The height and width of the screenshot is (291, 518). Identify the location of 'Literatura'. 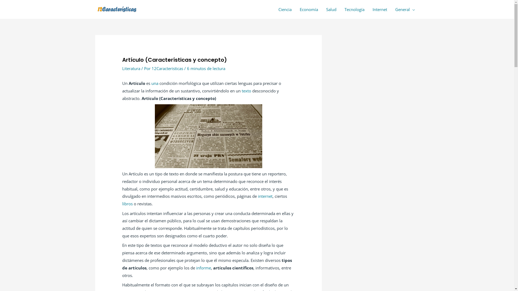
(131, 68).